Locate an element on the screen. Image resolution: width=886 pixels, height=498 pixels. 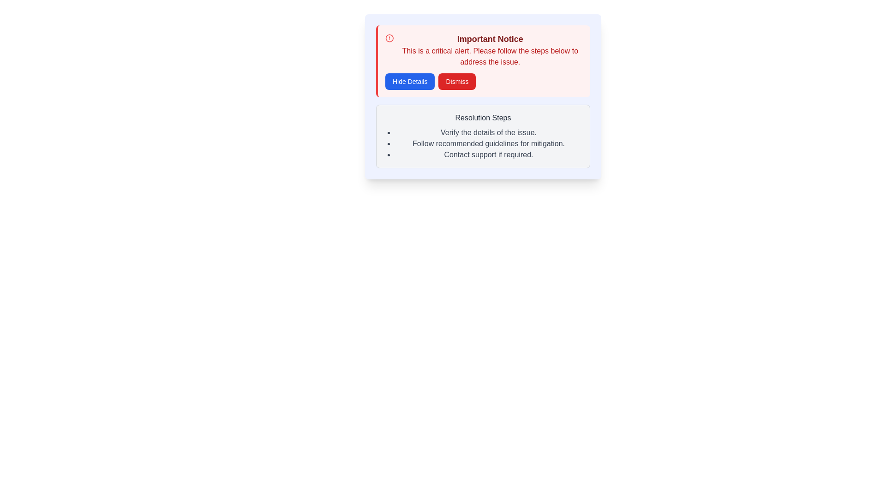
the text label reading 'Verify the details of the issue.' which is the first item in the bullet point list under the 'Resolution Steps' section is located at coordinates (488, 133).